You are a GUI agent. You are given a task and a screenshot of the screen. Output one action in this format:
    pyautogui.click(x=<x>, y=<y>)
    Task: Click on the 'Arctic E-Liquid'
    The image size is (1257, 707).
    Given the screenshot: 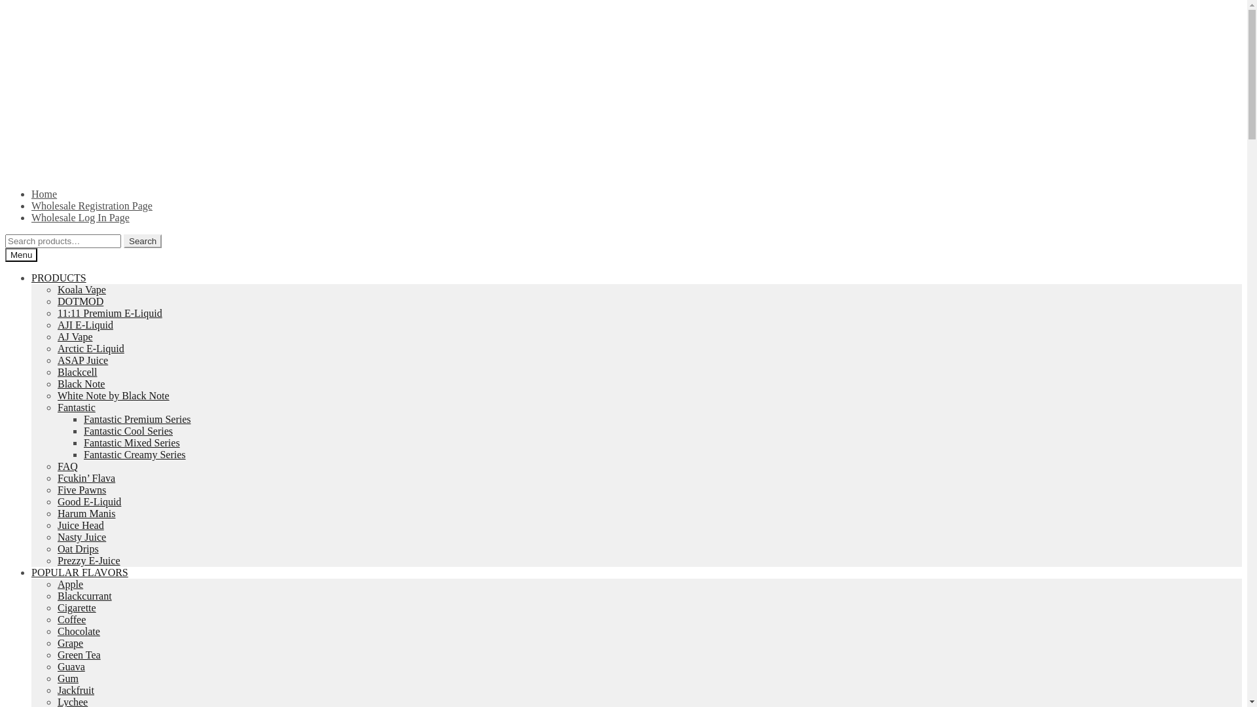 What is the action you would take?
    pyautogui.click(x=90, y=348)
    